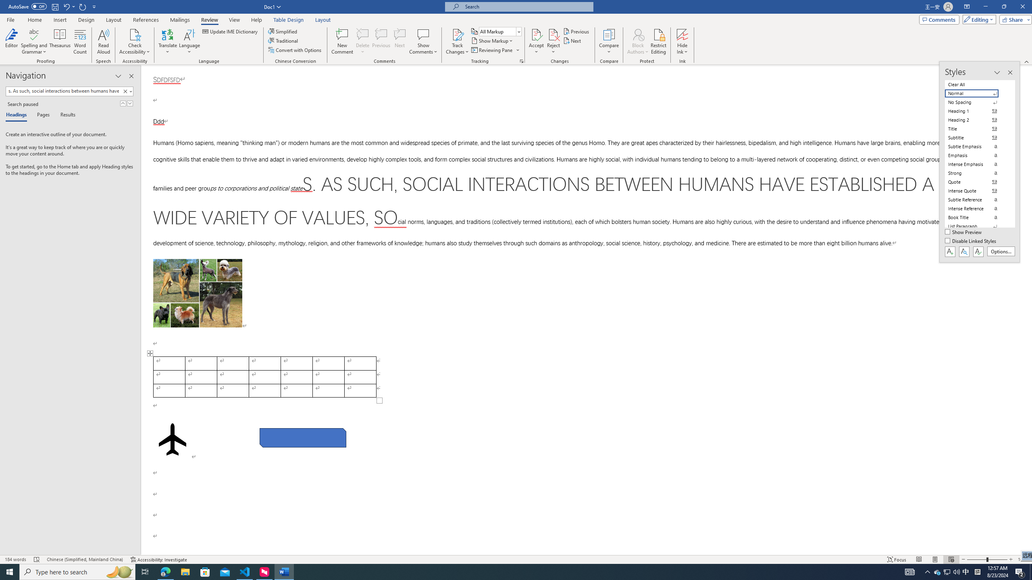 This screenshot has height=580, width=1032. What do you see at coordinates (284, 40) in the screenshot?
I see `'Traditional'` at bounding box center [284, 40].